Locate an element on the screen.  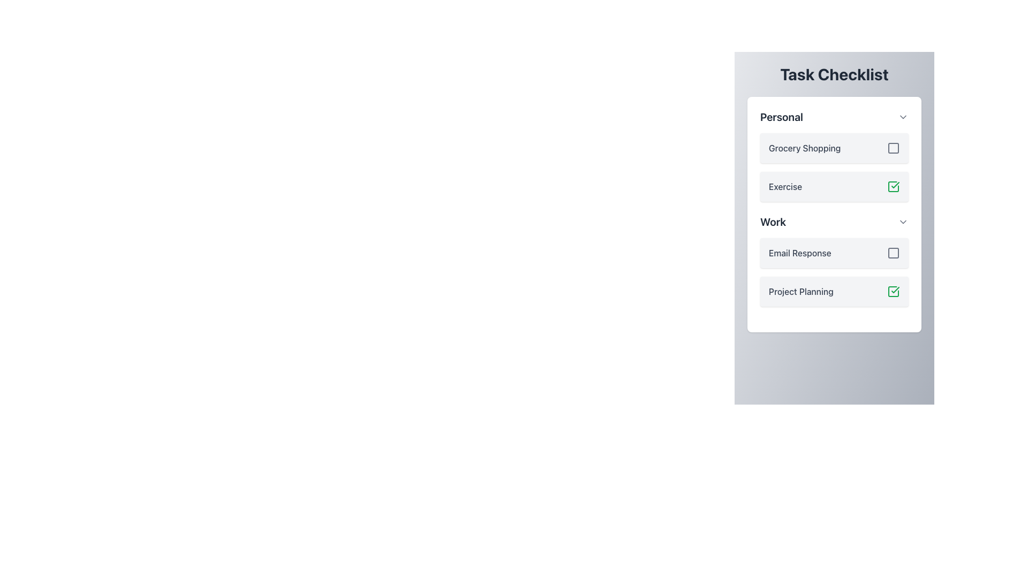
the checkbox next to 'Exercise' in the 'Personal' checklist section to deselect it is located at coordinates (834, 155).